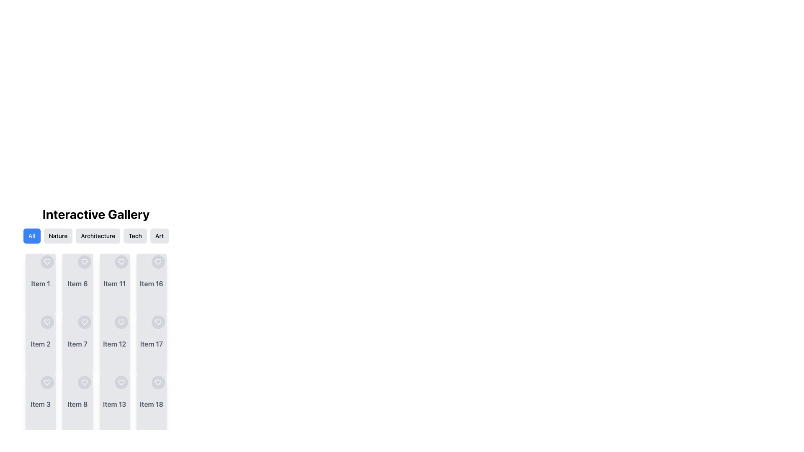  Describe the element at coordinates (40, 403) in the screenshot. I see `the rectangular card containing the text 'Item 3' and a heart icon, located in the first column of the grid layout` at that location.